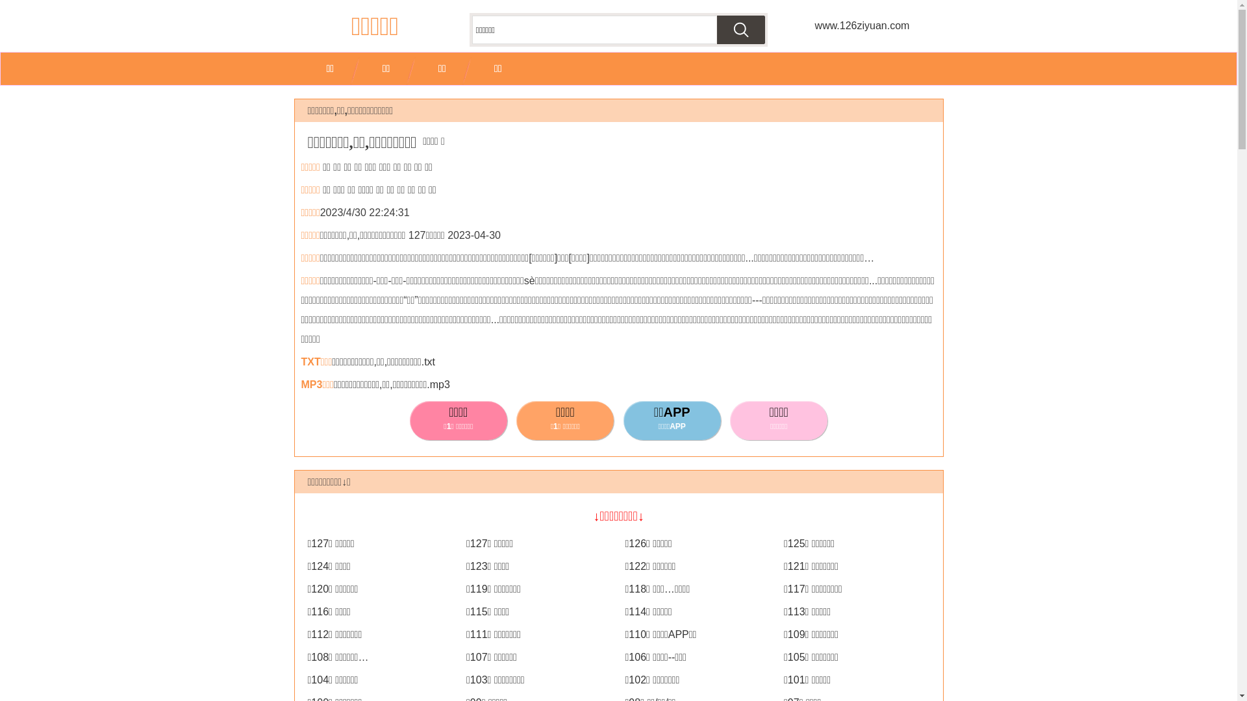 The width and height of the screenshot is (1247, 701). What do you see at coordinates (861, 25) in the screenshot?
I see `'www.126ziyuan.com'` at bounding box center [861, 25].